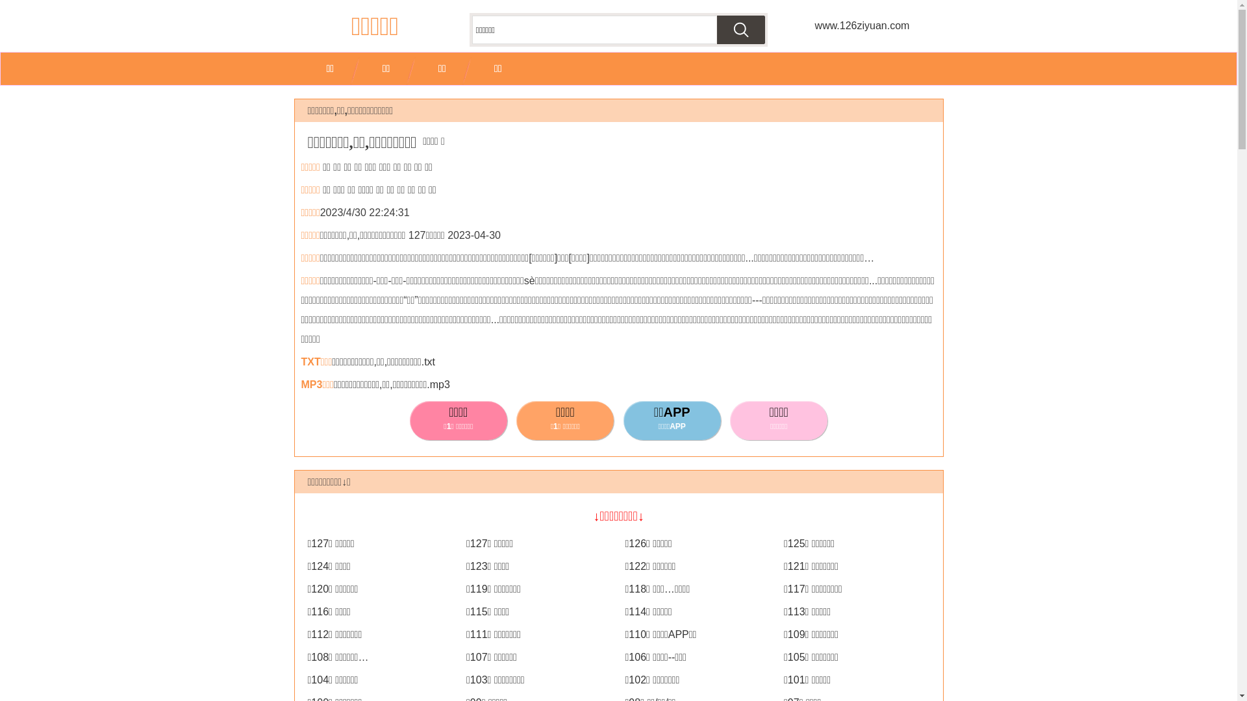 The width and height of the screenshot is (1247, 701). What do you see at coordinates (861, 25) in the screenshot?
I see `'www.126ziyuan.com'` at bounding box center [861, 25].